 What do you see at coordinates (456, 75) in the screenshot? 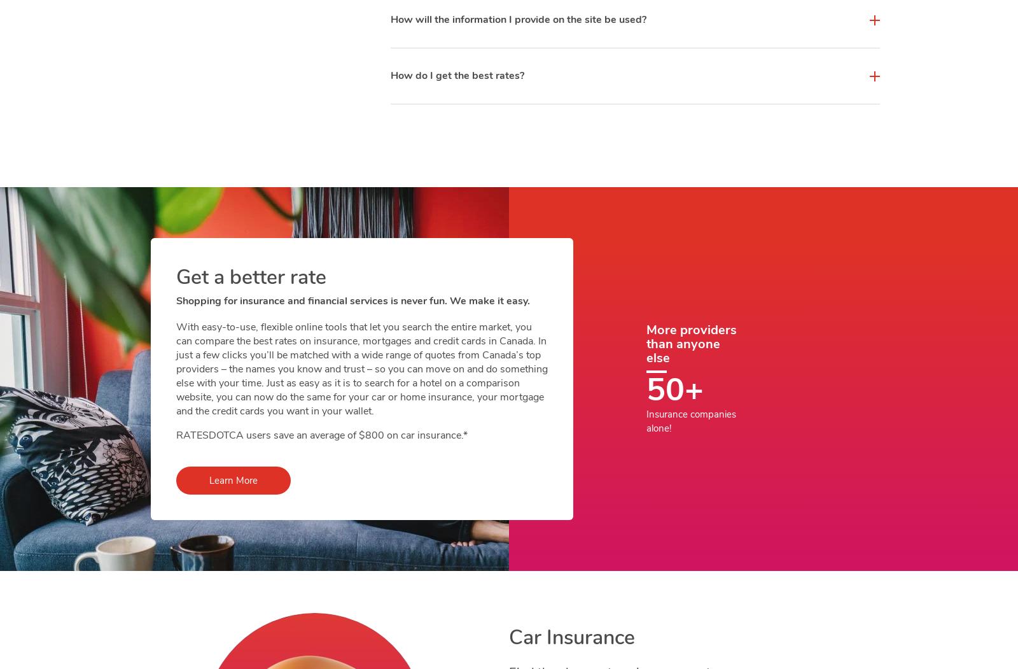
I see `'How do I get the best rates?'` at bounding box center [456, 75].